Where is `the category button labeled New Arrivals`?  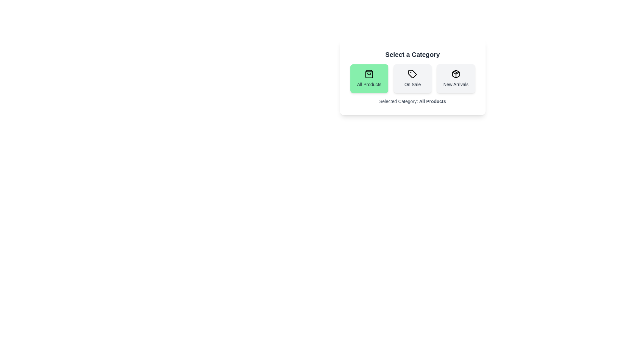
the category button labeled New Arrivals is located at coordinates (455, 78).